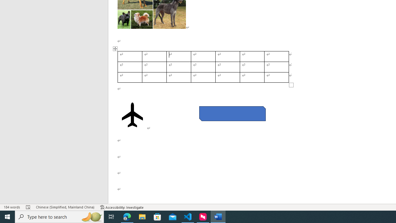 Image resolution: width=396 pixels, height=223 pixels. What do you see at coordinates (28, 207) in the screenshot?
I see `'Spelling and Grammar Check Errors'` at bounding box center [28, 207].